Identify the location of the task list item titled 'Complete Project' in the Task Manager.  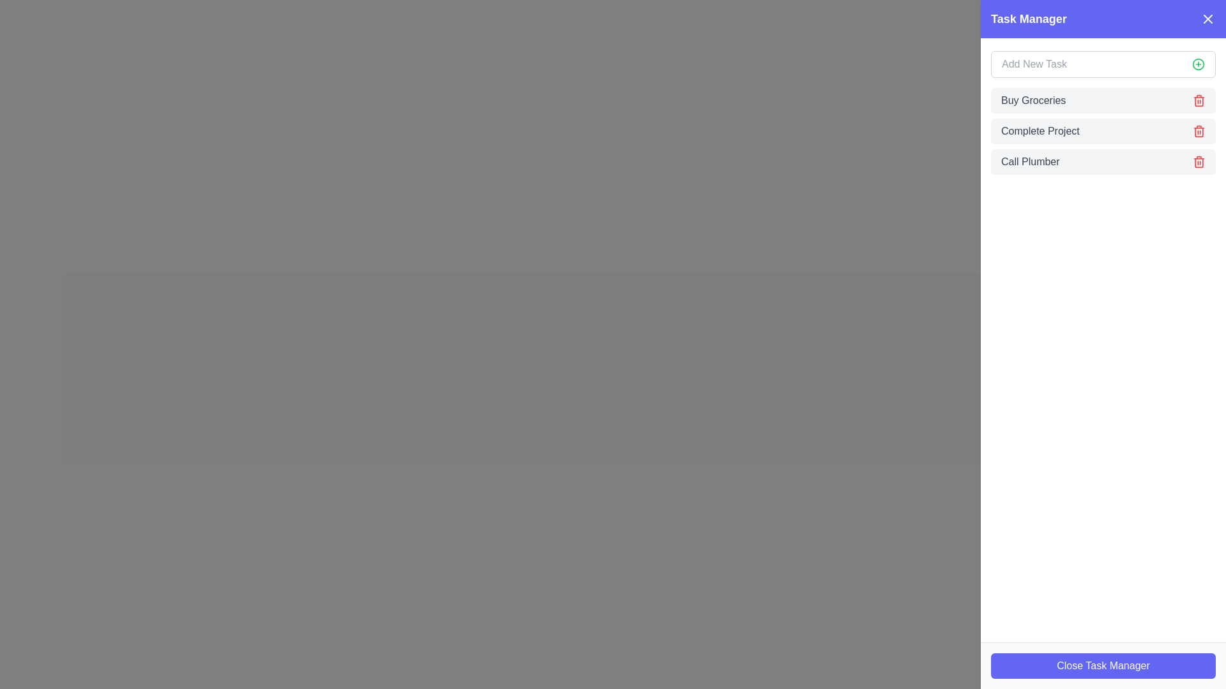
(1103, 131).